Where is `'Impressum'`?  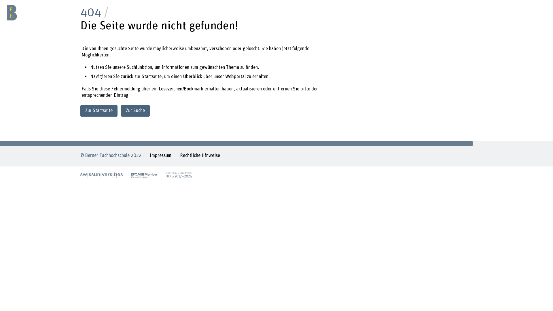 'Impressum' is located at coordinates (149, 156).